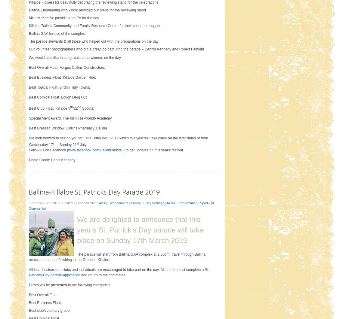  Describe the element at coordinates (28, 25) in the screenshot. I see `'Killaloe/Ballina Community and Family Resource Centre for their continued support,'` at that location.